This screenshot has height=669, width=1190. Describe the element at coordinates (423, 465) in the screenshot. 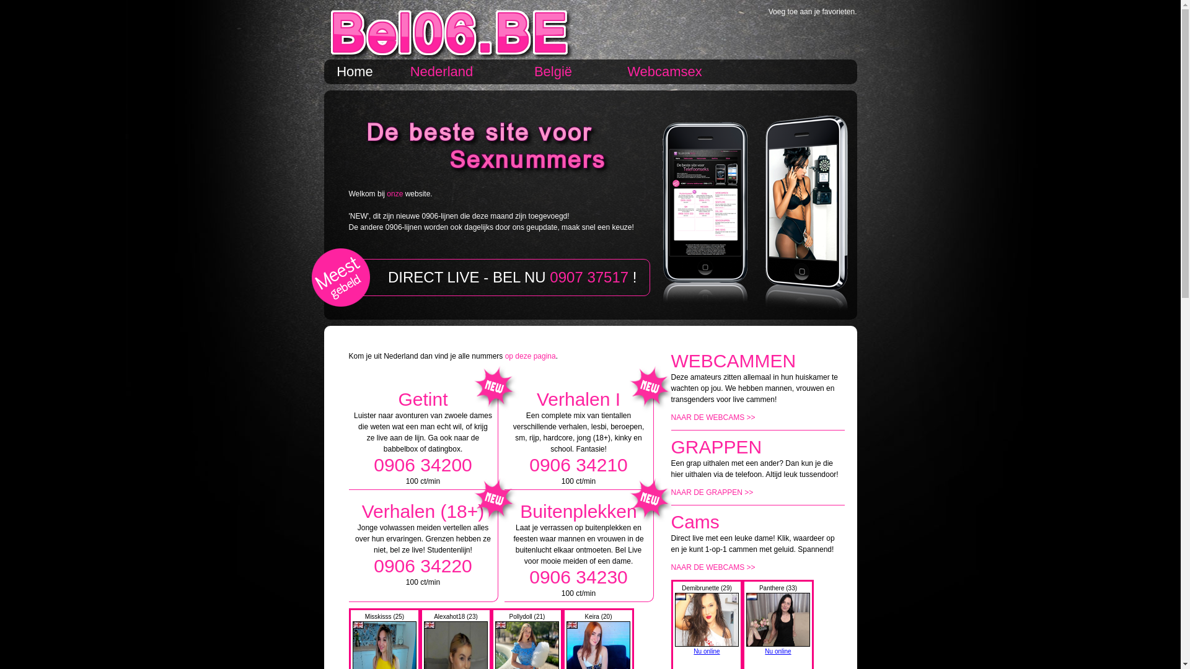

I see `'0906 34200'` at that location.